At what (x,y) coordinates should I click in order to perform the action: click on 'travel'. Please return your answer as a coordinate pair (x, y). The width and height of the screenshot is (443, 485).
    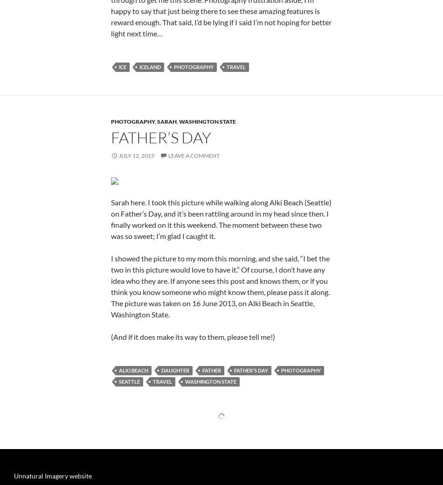
    Looking at the image, I should click on (236, 180).